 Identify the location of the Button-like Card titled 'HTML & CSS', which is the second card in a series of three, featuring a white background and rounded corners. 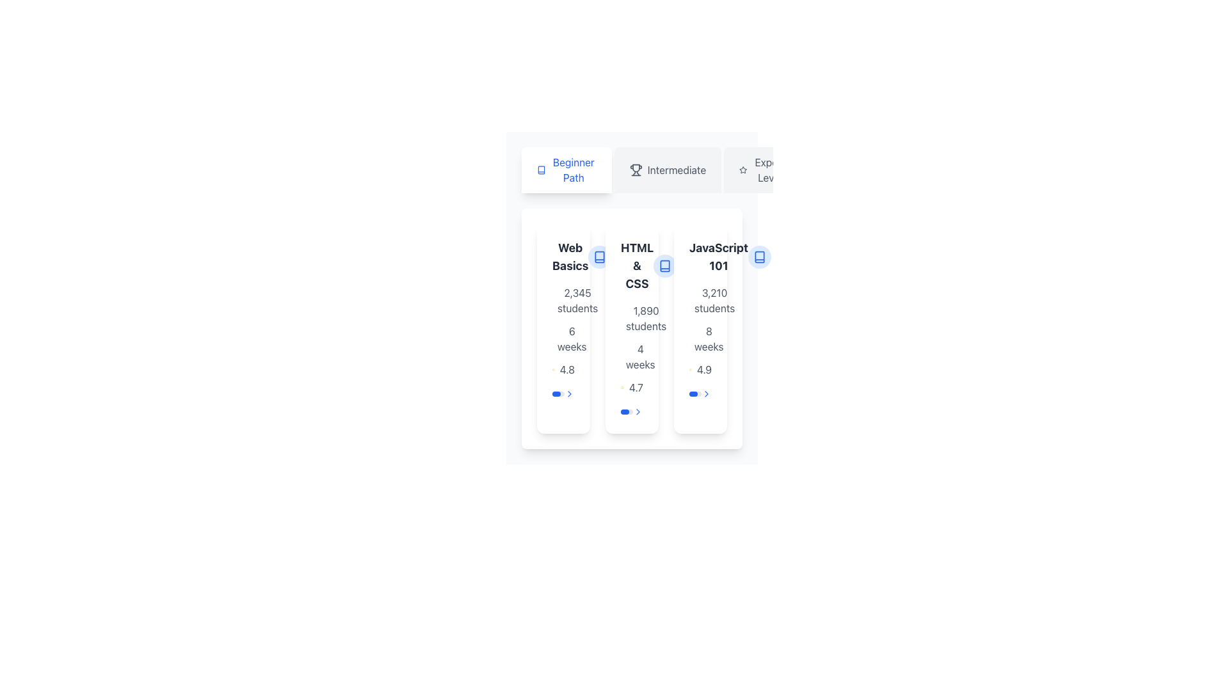
(632, 328).